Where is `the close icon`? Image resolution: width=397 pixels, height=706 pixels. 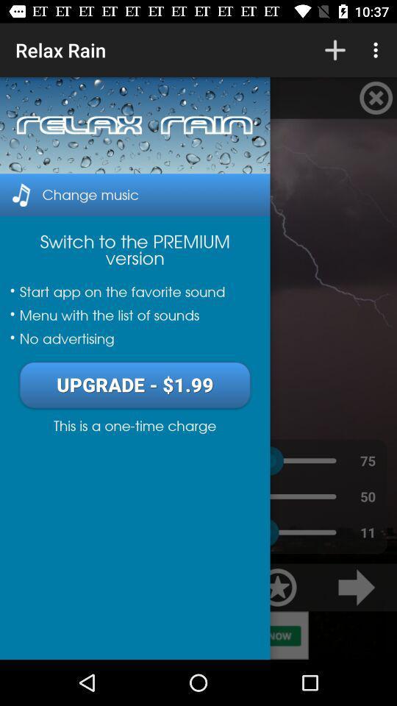 the close icon is located at coordinates (376, 97).